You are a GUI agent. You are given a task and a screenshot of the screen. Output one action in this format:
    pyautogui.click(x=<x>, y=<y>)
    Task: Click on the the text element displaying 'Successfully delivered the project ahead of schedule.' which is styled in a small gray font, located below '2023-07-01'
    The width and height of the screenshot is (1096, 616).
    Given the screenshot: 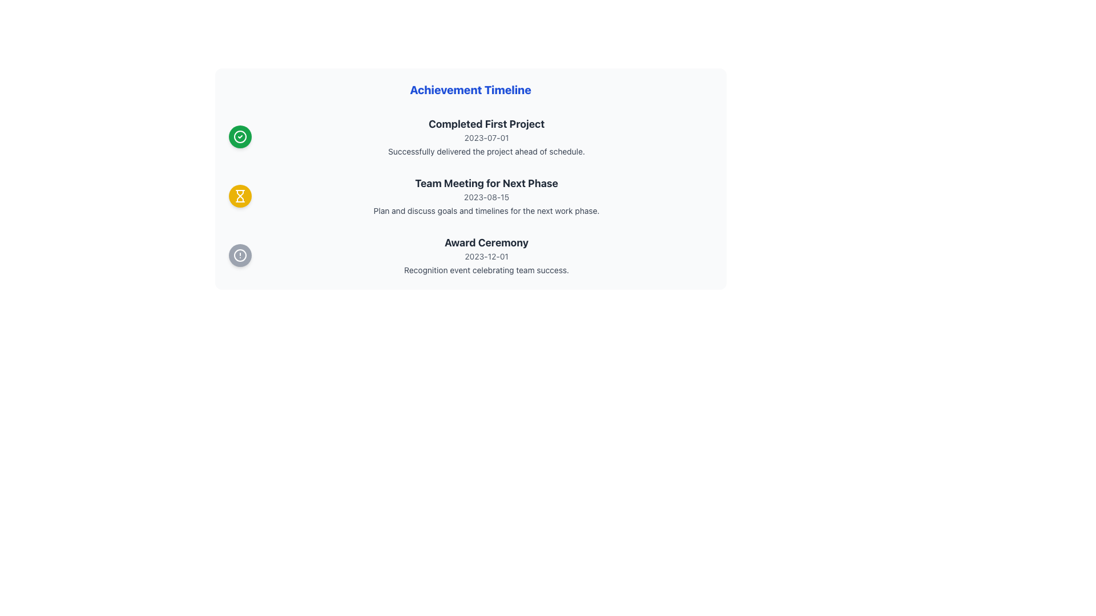 What is the action you would take?
    pyautogui.click(x=486, y=151)
    